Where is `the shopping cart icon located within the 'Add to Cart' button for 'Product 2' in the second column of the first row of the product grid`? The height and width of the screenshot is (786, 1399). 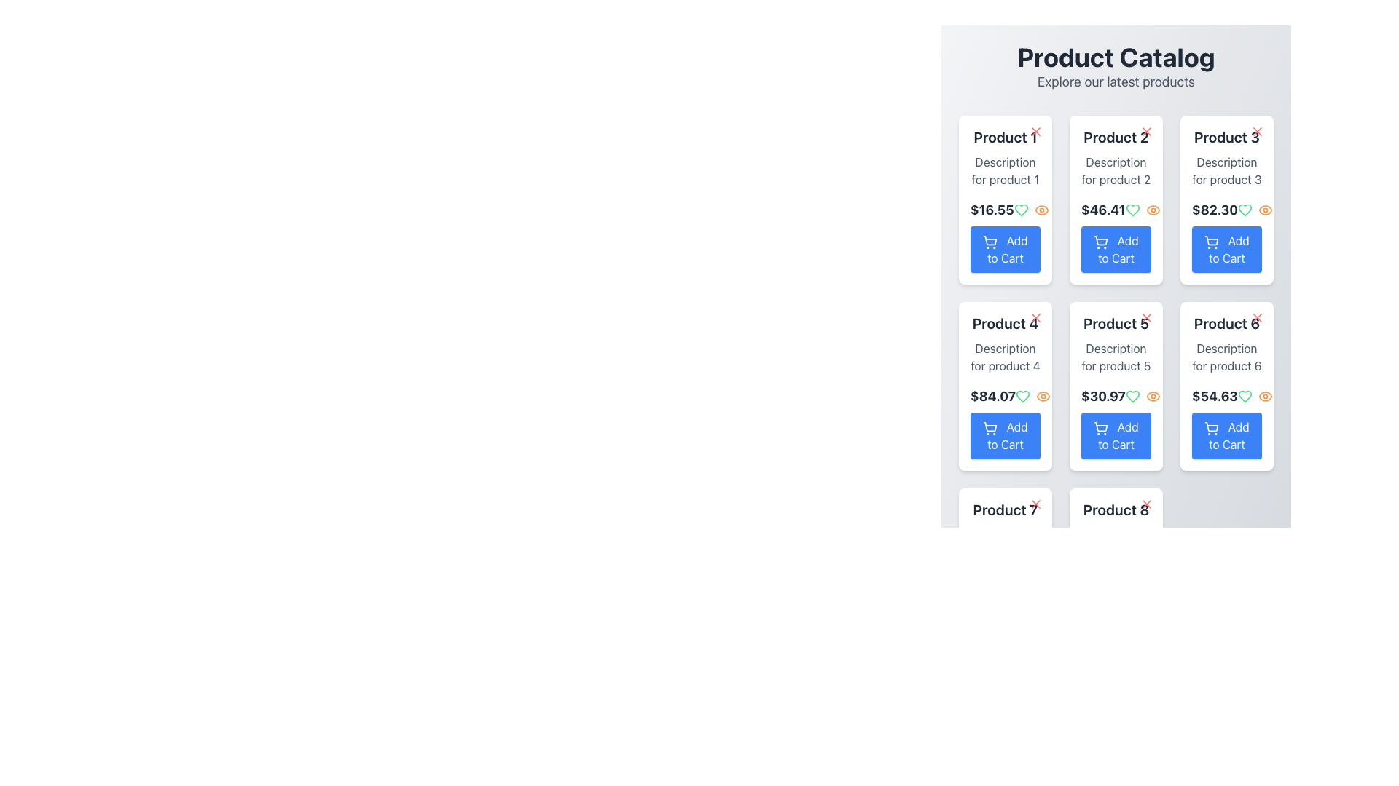 the shopping cart icon located within the 'Add to Cart' button for 'Product 2' in the second column of the first row of the product grid is located at coordinates (1101, 239).